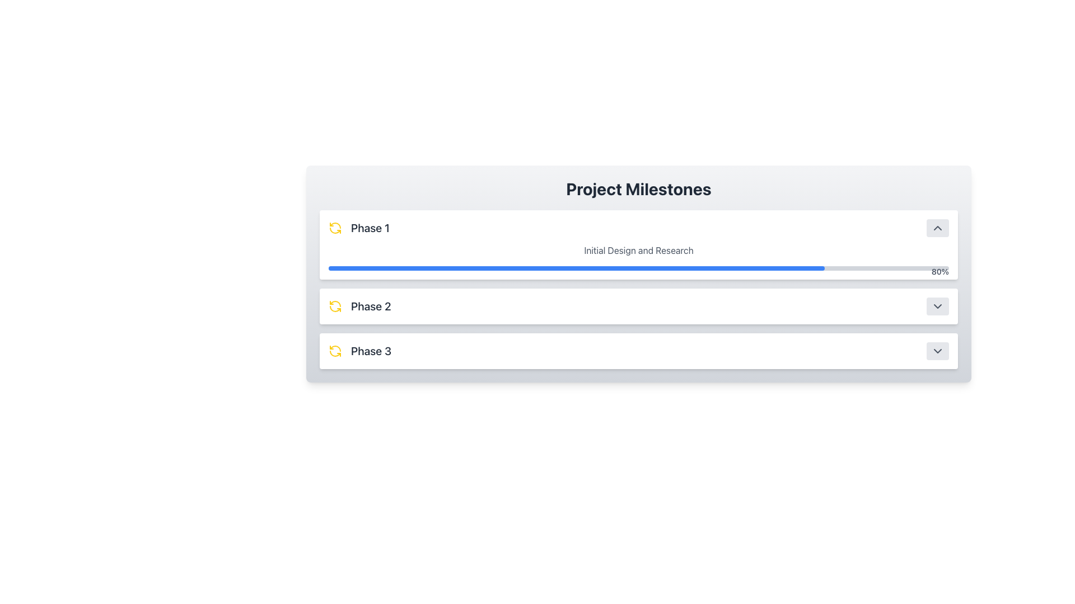 Image resolution: width=1075 pixels, height=604 pixels. Describe the element at coordinates (938, 228) in the screenshot. I see `the upward-pointing chevron icon with a gray outline on a light gray background located at the far right end of the 'Phase 1' row` at that location.